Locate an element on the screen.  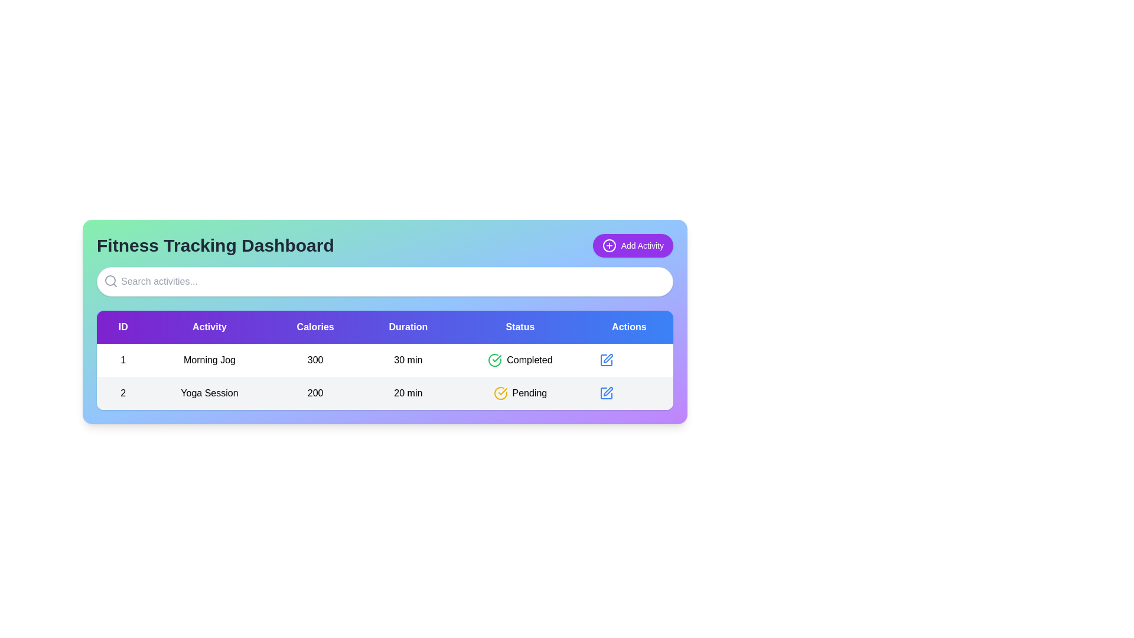
the edit button styled as an icon, which is the last icon in the 'Actions' column of the second row in the table, to modify the details of the 'Yoga Session' activity is located at coordinates (606, 393).